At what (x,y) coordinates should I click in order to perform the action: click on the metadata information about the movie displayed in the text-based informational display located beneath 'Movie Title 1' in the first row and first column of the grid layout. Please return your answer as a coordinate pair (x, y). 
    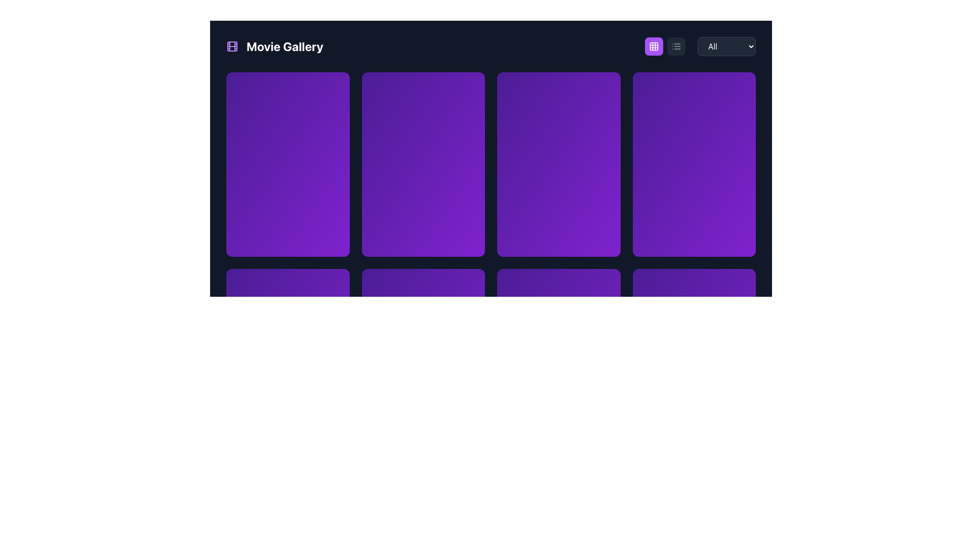
    Looking at the image, I should click on (287, 215).